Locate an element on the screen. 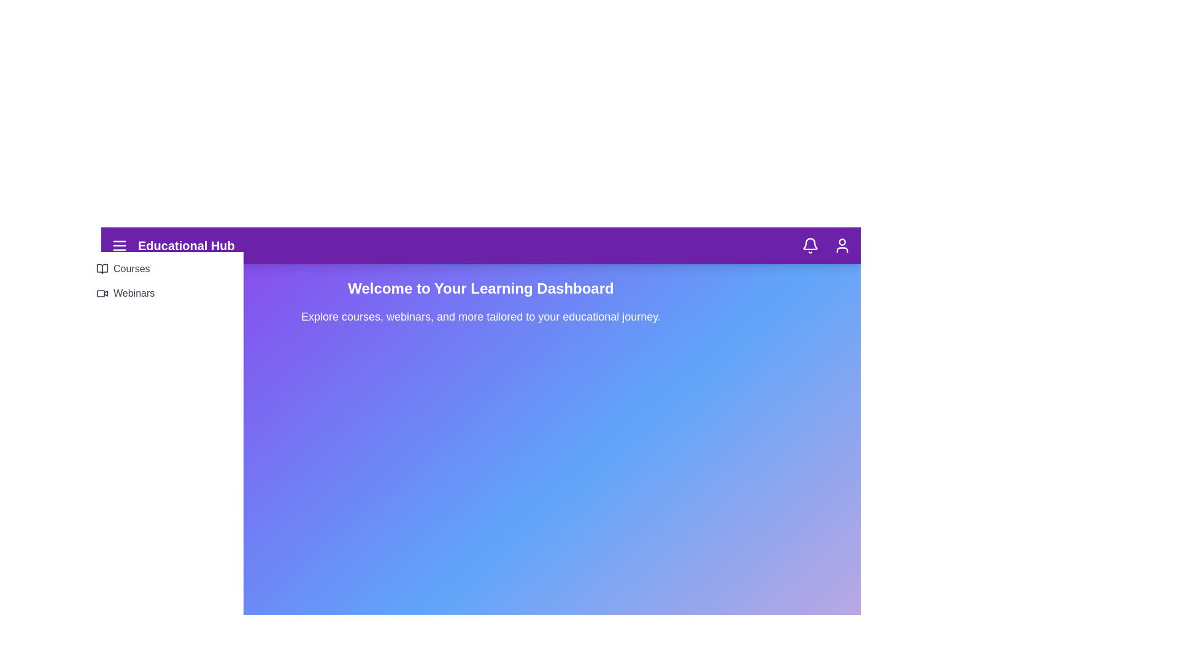 The width and height of the screenshot is (1178, 662). the user profile icon located in the top-right corner of the navbar is located at coordinates (841, 246).